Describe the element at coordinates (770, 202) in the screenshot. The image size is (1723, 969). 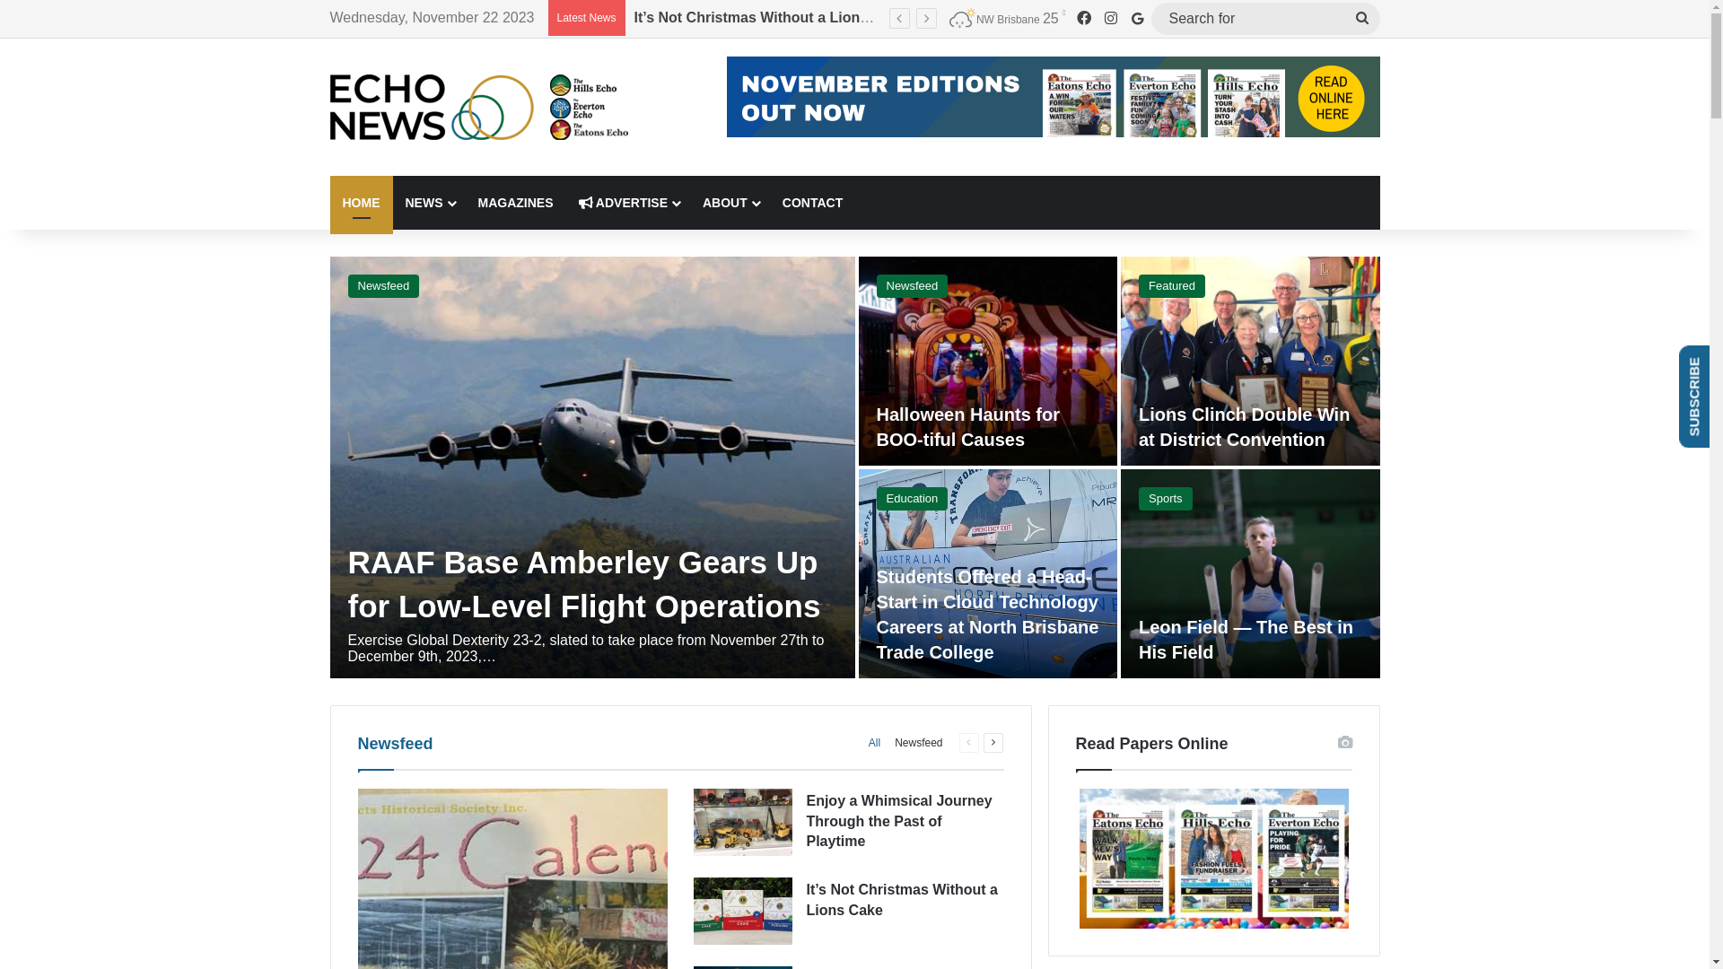
I see `'CONTACT'` at that location.